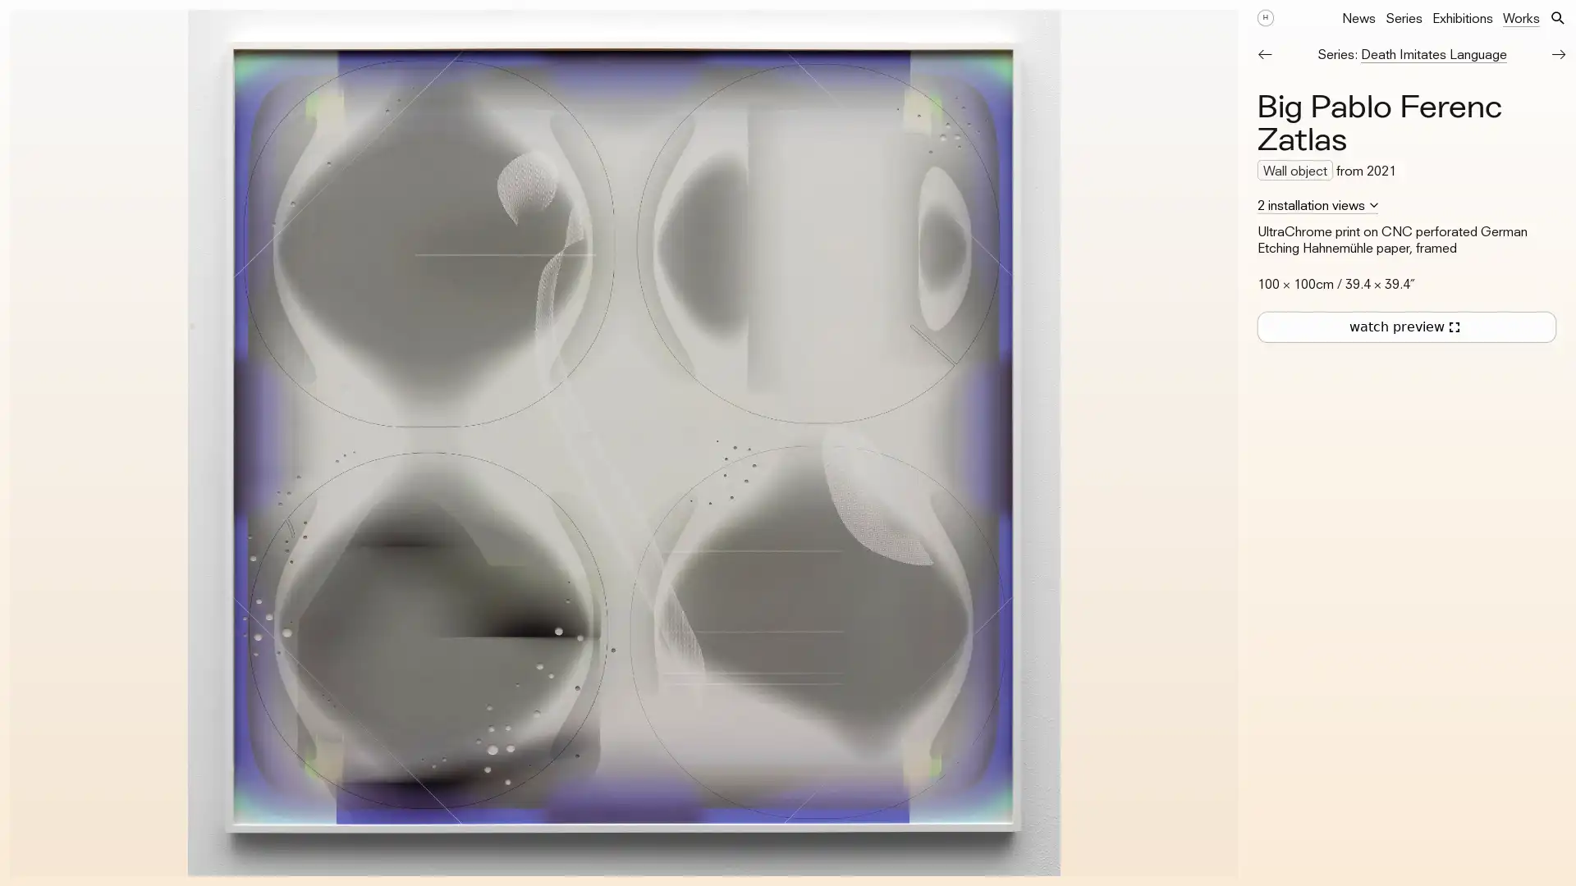 Image resolution: width=1576 pixels, height=886 pixels. What do you see at coordinates (92, 16) in the screenshot?
I see `Work details` at bounding box center [92, 16].